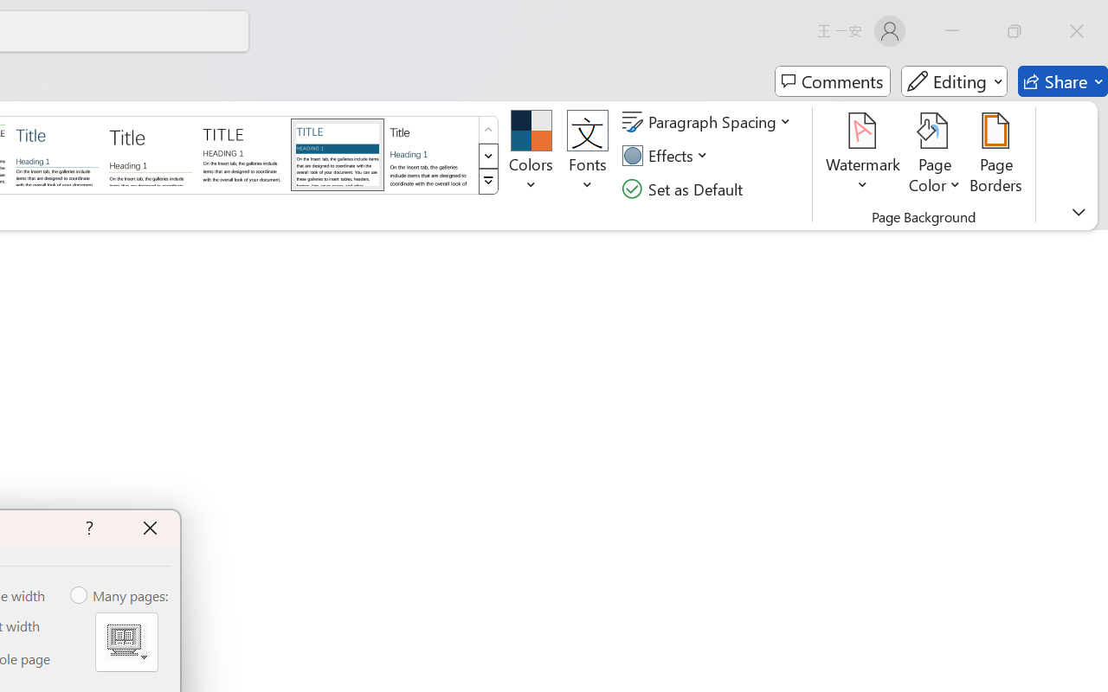 The height and width of the screenshot is (692, 1108). What do you see at coordinates (863, 155) in the screenshot?
I see `'Watermark'` at bounding box center [863, 155].